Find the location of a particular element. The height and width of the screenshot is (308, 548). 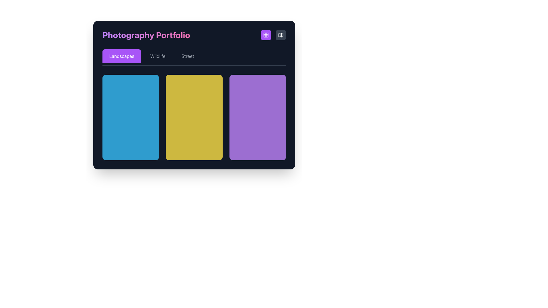

the 'Desert Dunes' card, which is the middle item in a three-column grid layout is located at coordinates (194, 117).